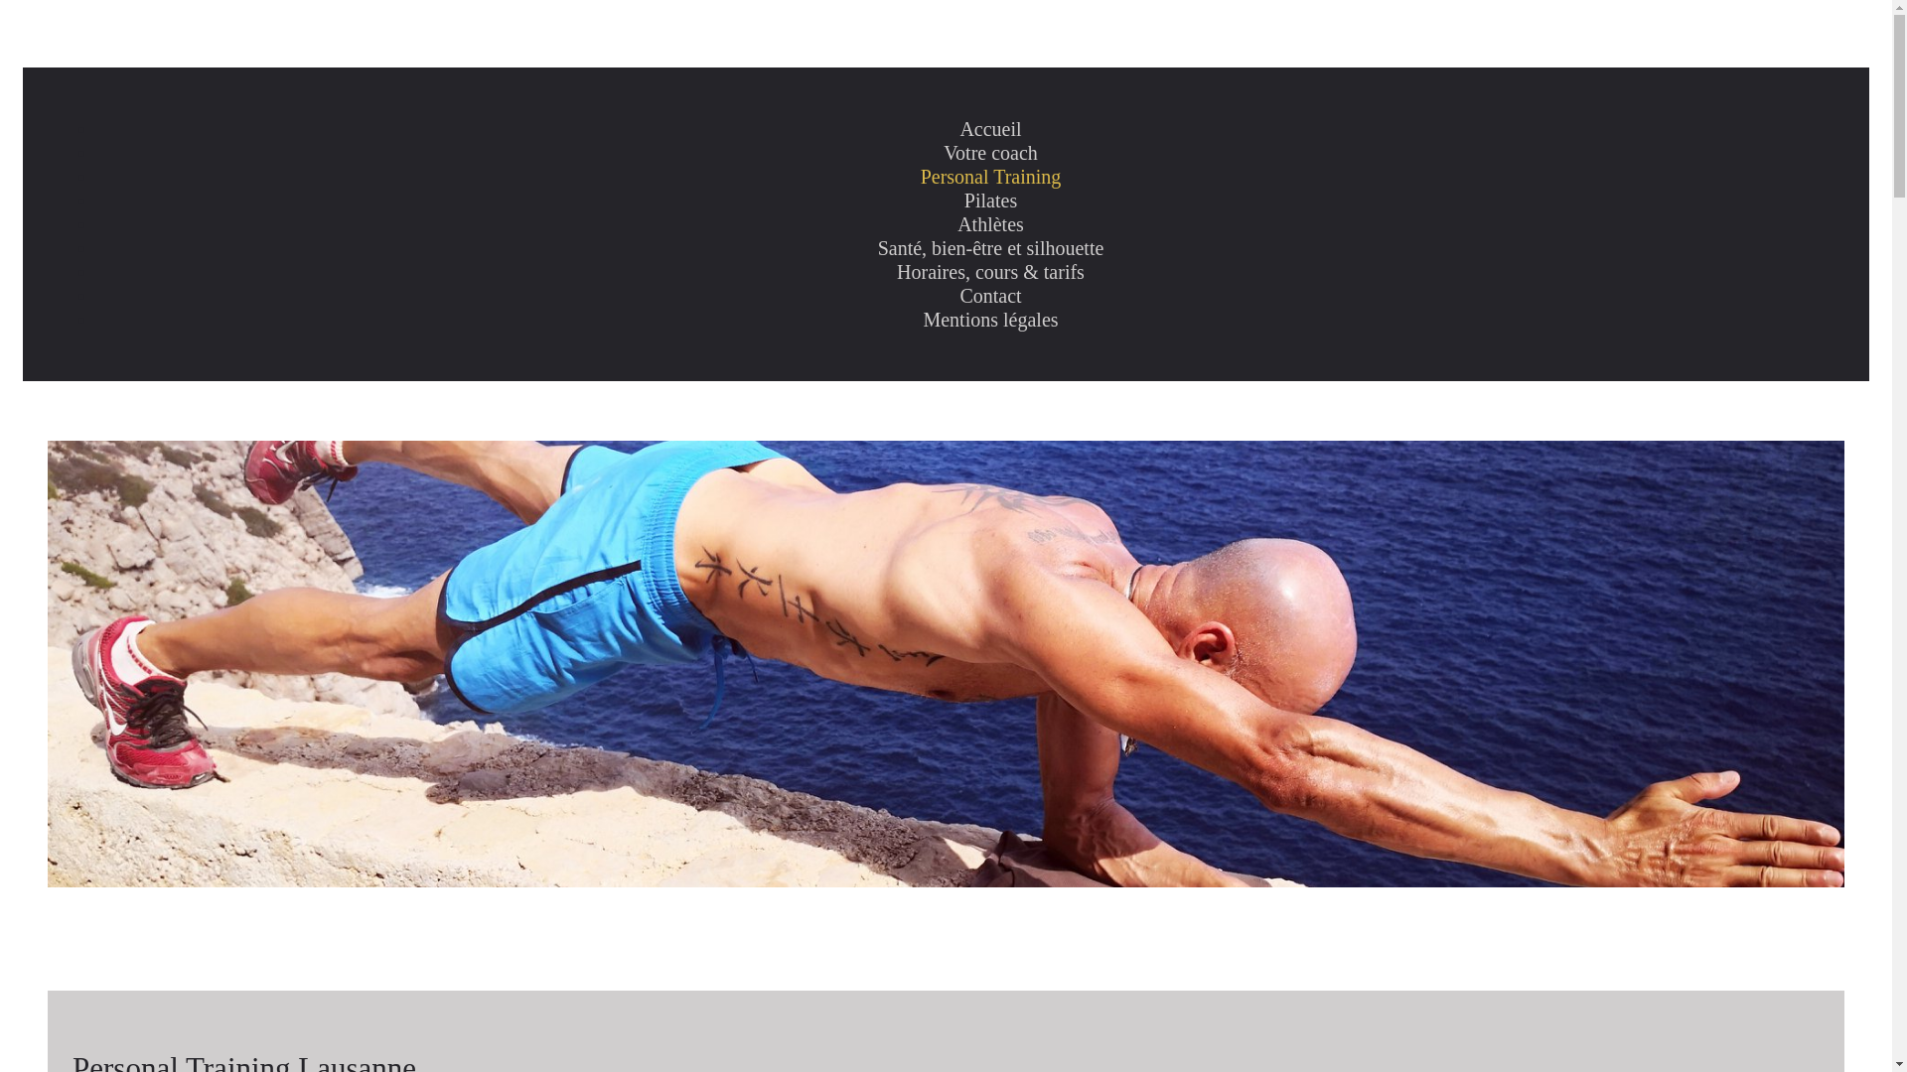  Describe the element at coordinates (991, 175) in the screenshot. I see `'Personal Training'` at that location.